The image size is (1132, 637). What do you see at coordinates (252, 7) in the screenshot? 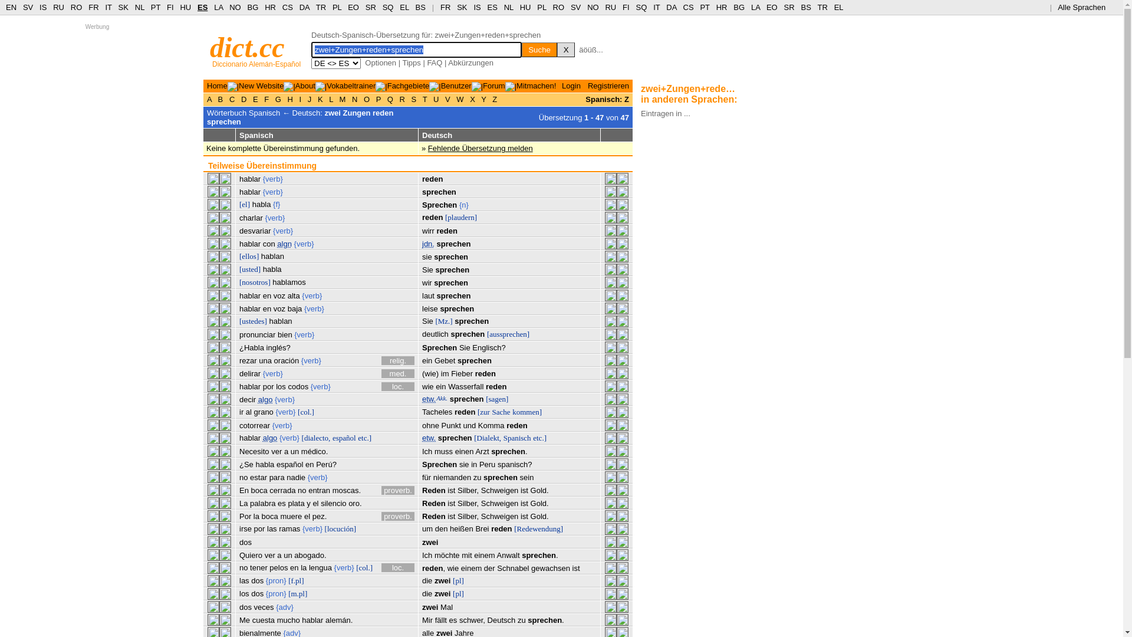
I see `'BG'` at bounding box center [252, 7].